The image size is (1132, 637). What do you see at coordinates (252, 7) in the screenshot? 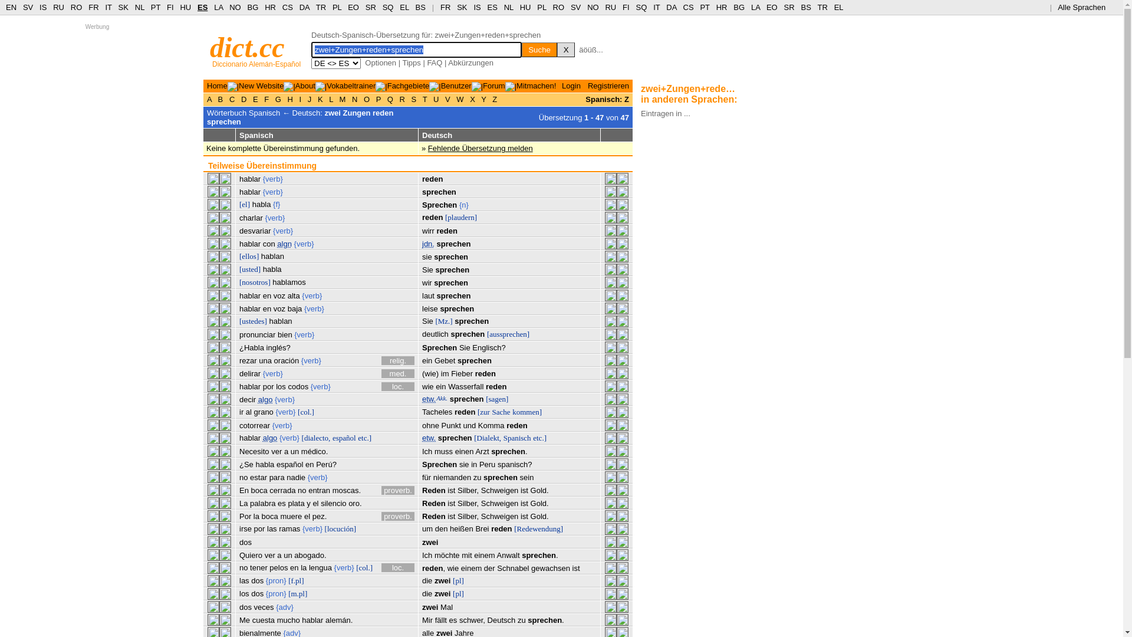
I see `'BG'` at bounding box center [252, 7].